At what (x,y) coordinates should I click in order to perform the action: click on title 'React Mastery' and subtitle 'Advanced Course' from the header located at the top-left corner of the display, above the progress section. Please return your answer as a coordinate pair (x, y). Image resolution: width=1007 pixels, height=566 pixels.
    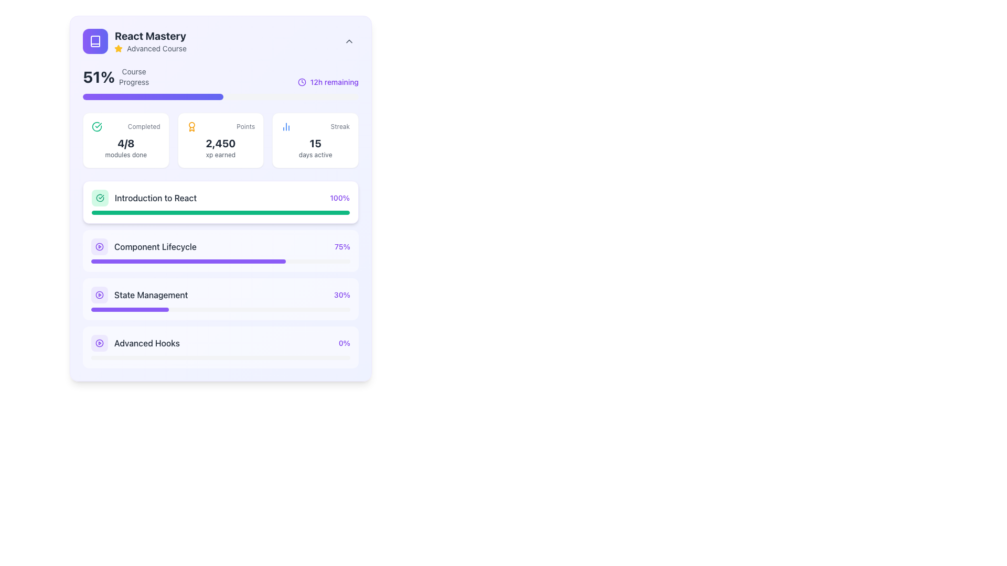
    Looking at the image, I should click on (134, 40).